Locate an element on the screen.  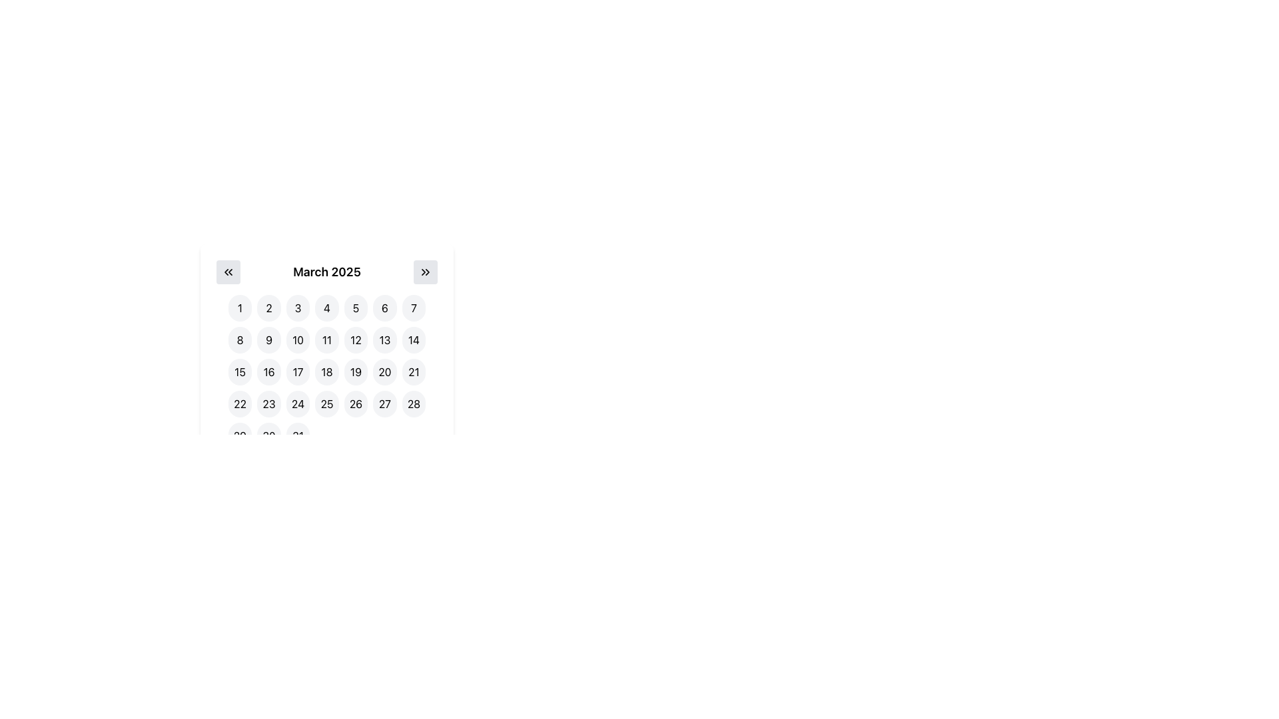
the calendar date button located at the top-left corner of the grid layout is located at coordinates (240, 308).